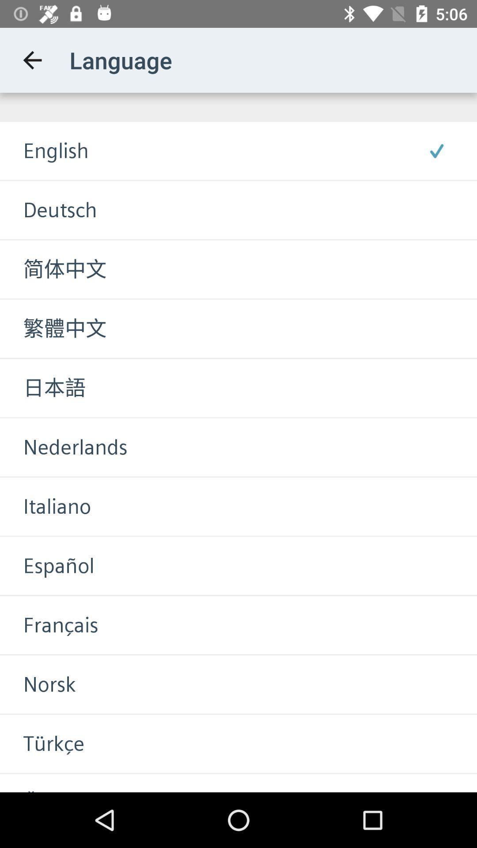 The height and width of the screenshot is (848, 477). I want to click on item above norsk icon, so click(49, 625).